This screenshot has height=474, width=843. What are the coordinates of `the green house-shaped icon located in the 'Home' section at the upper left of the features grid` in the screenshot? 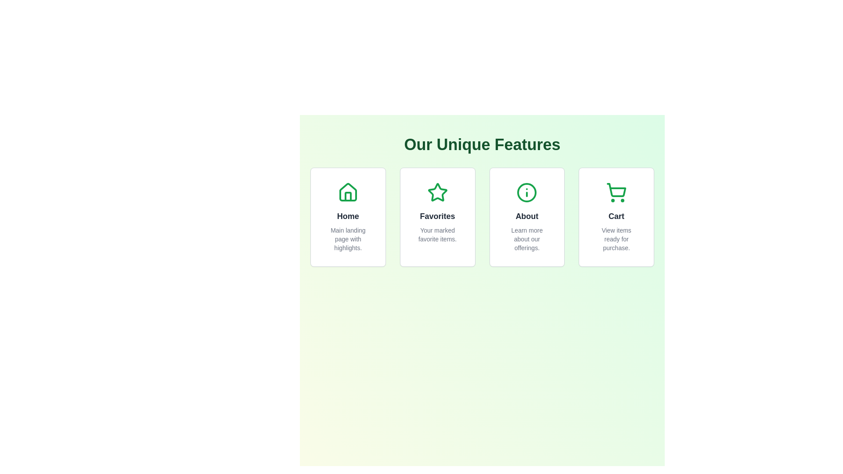 It's located at (347, 192).